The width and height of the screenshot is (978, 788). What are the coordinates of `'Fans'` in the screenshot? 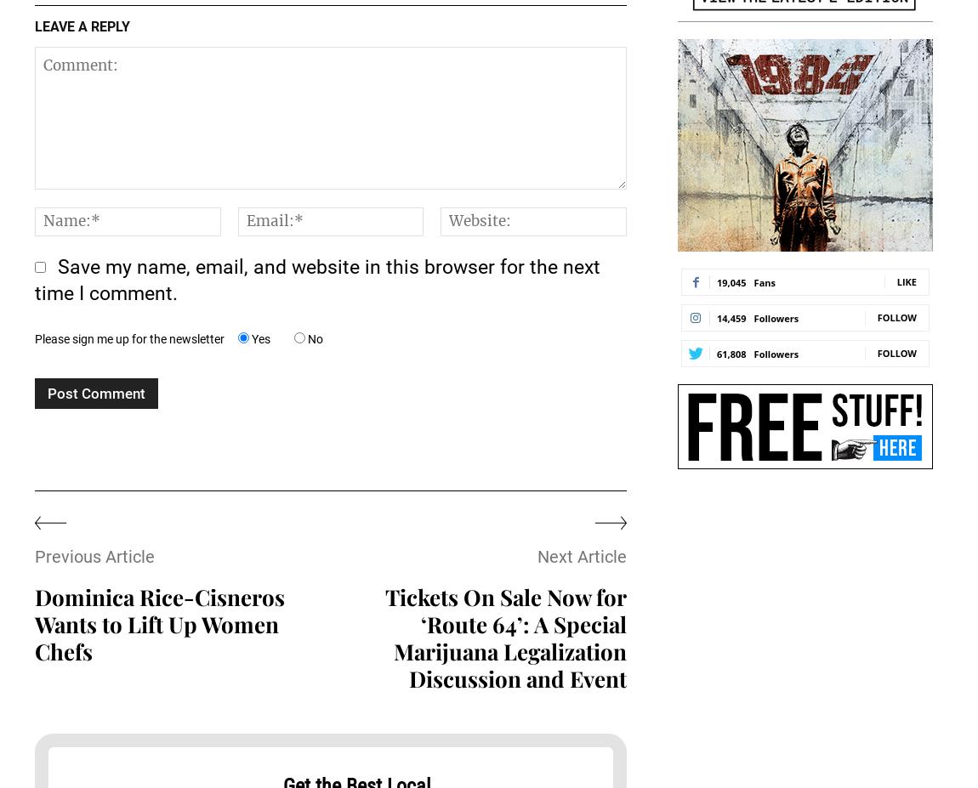 It's located at (753, 281).